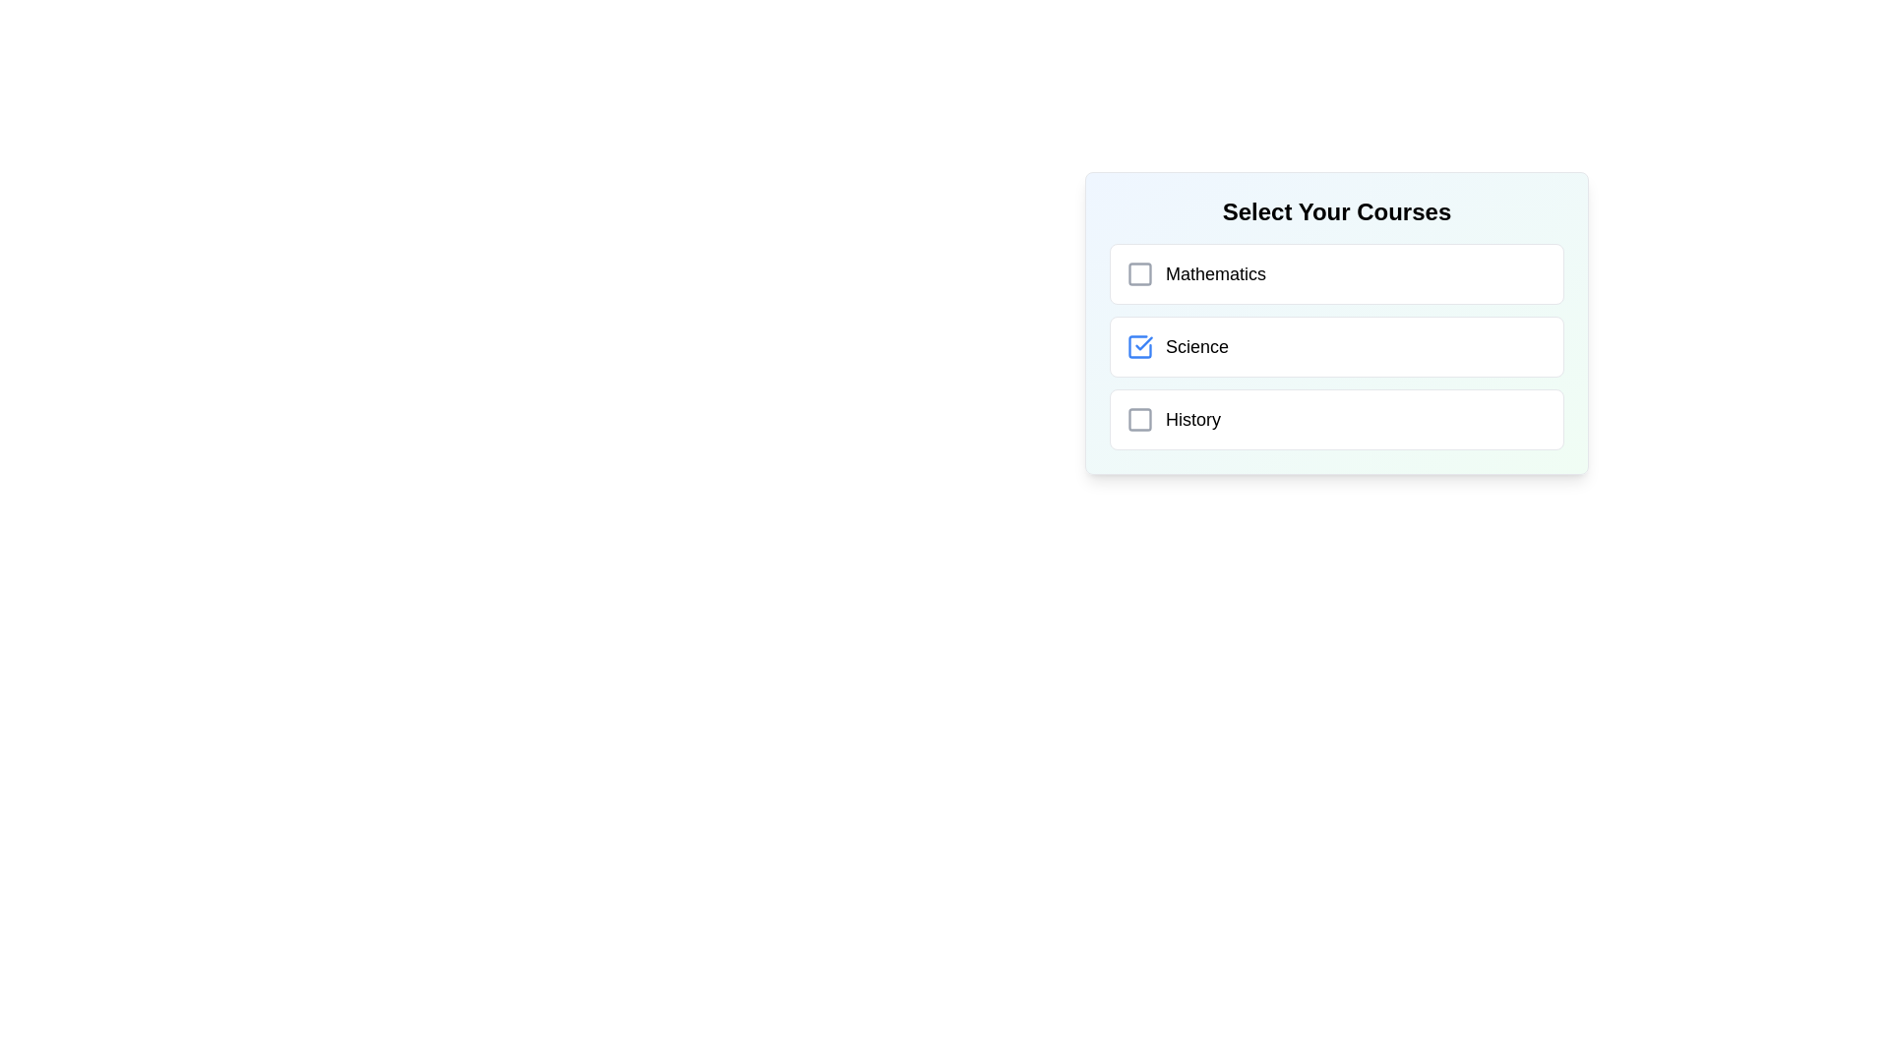 This screenshot has width=1889, height=1062. What do you see at coordinates (1139, 419) in the screenshot?
I see `the empty square checkbox aligned to the left of the 'History' option` at bounding box center [1139, 419].